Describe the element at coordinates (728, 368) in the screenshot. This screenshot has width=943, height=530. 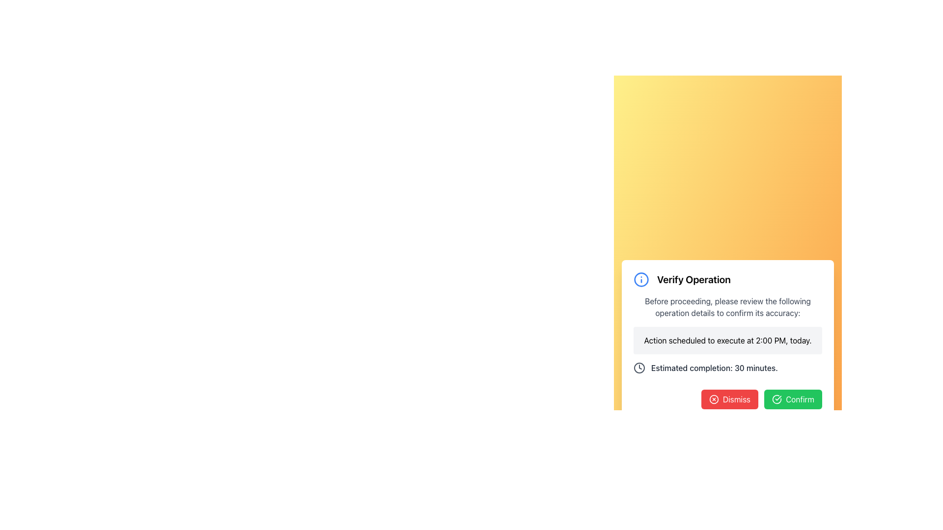
I see `the 'estimated completion time' text element with an icon located in the confirmation dialog, positioned below the description text and above the 'Dismiss' and 'Confirm' buttons` at that location.